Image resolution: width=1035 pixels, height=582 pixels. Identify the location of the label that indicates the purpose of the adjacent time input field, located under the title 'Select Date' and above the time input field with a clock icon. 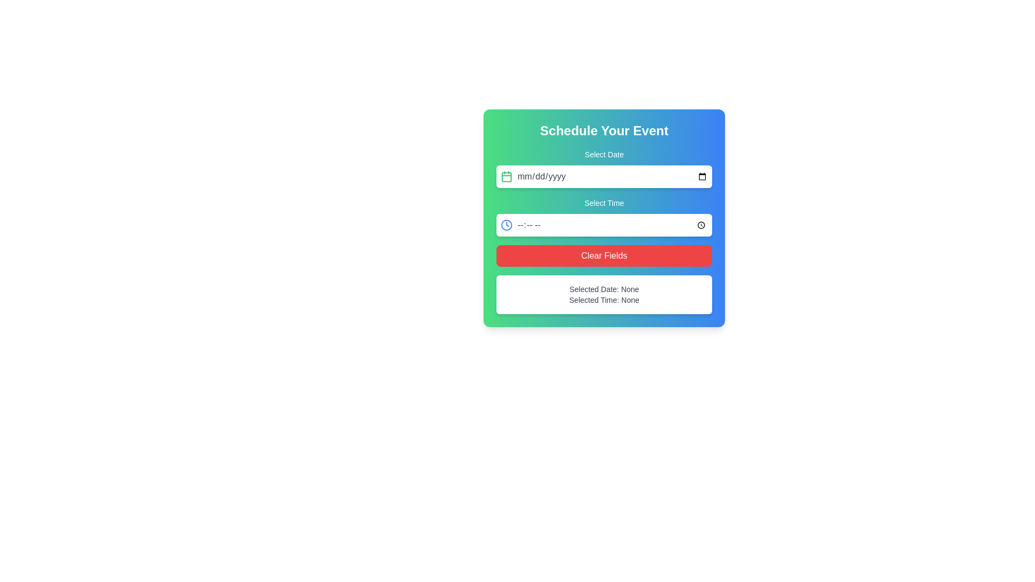
(604, 203).